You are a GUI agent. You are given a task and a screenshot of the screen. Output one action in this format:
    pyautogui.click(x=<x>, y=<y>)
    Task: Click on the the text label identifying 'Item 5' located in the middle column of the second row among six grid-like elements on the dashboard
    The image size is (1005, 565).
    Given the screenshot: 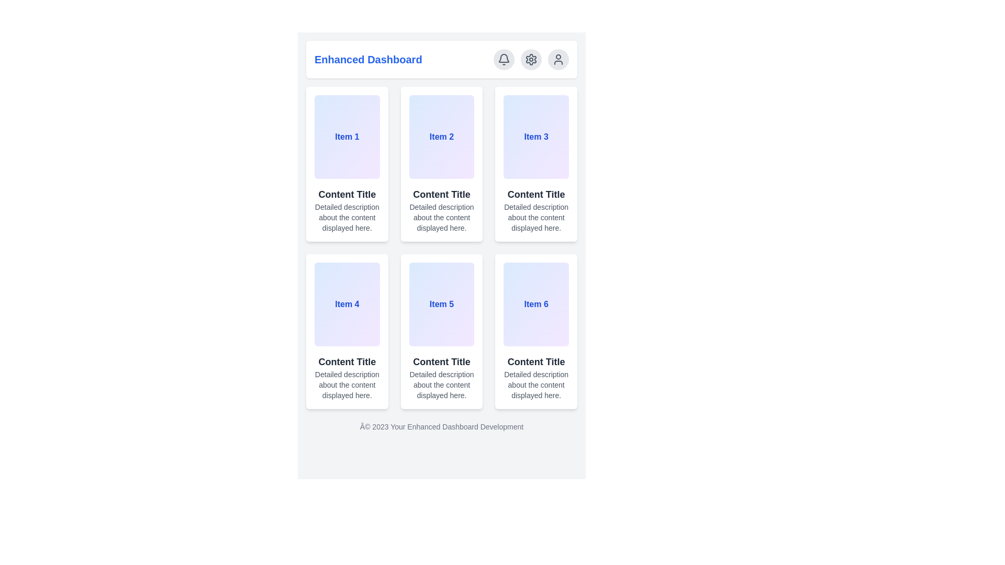 What is the action you would take?
    pyautogui.click(x=442, y=304)
    